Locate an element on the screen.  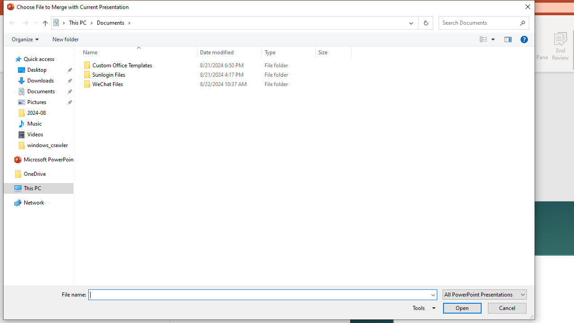
'Filter dropdown' is located at coordinates (347, 52).